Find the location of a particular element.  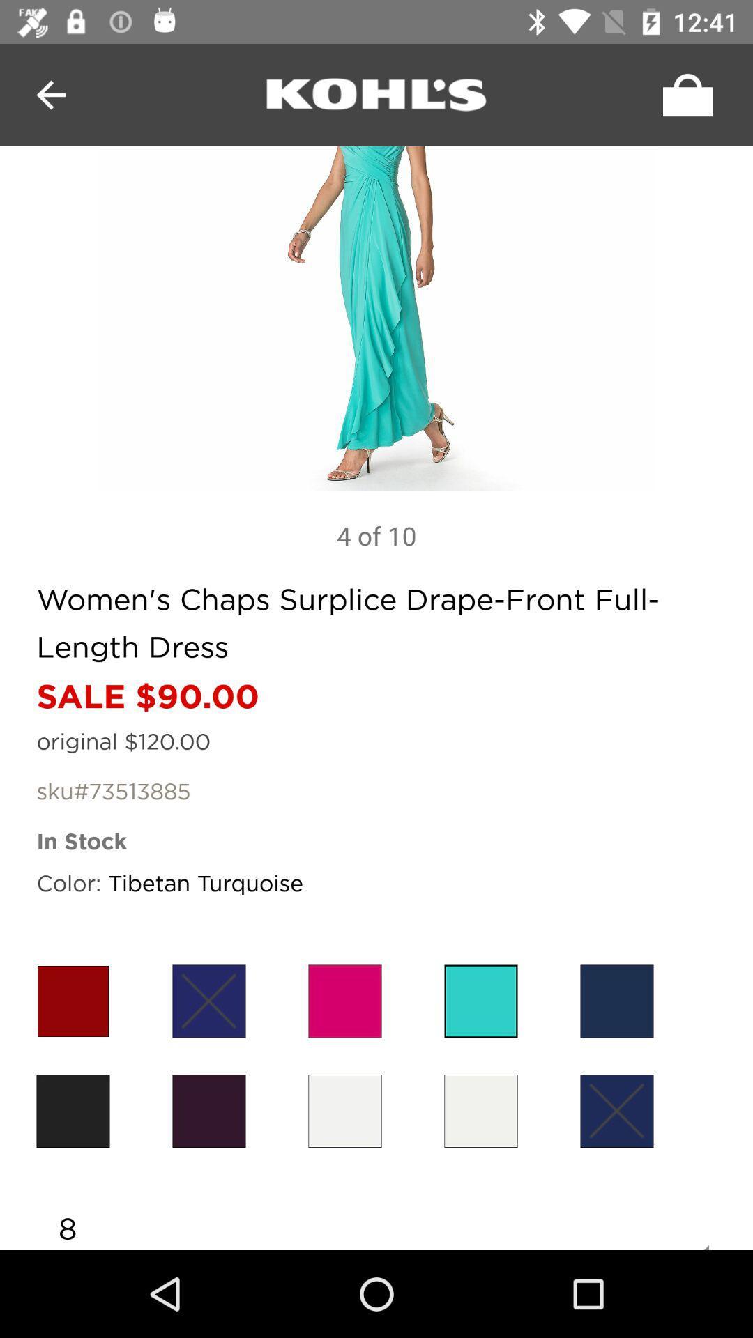

the icon above 8 is located at coordinates (616, 1110).